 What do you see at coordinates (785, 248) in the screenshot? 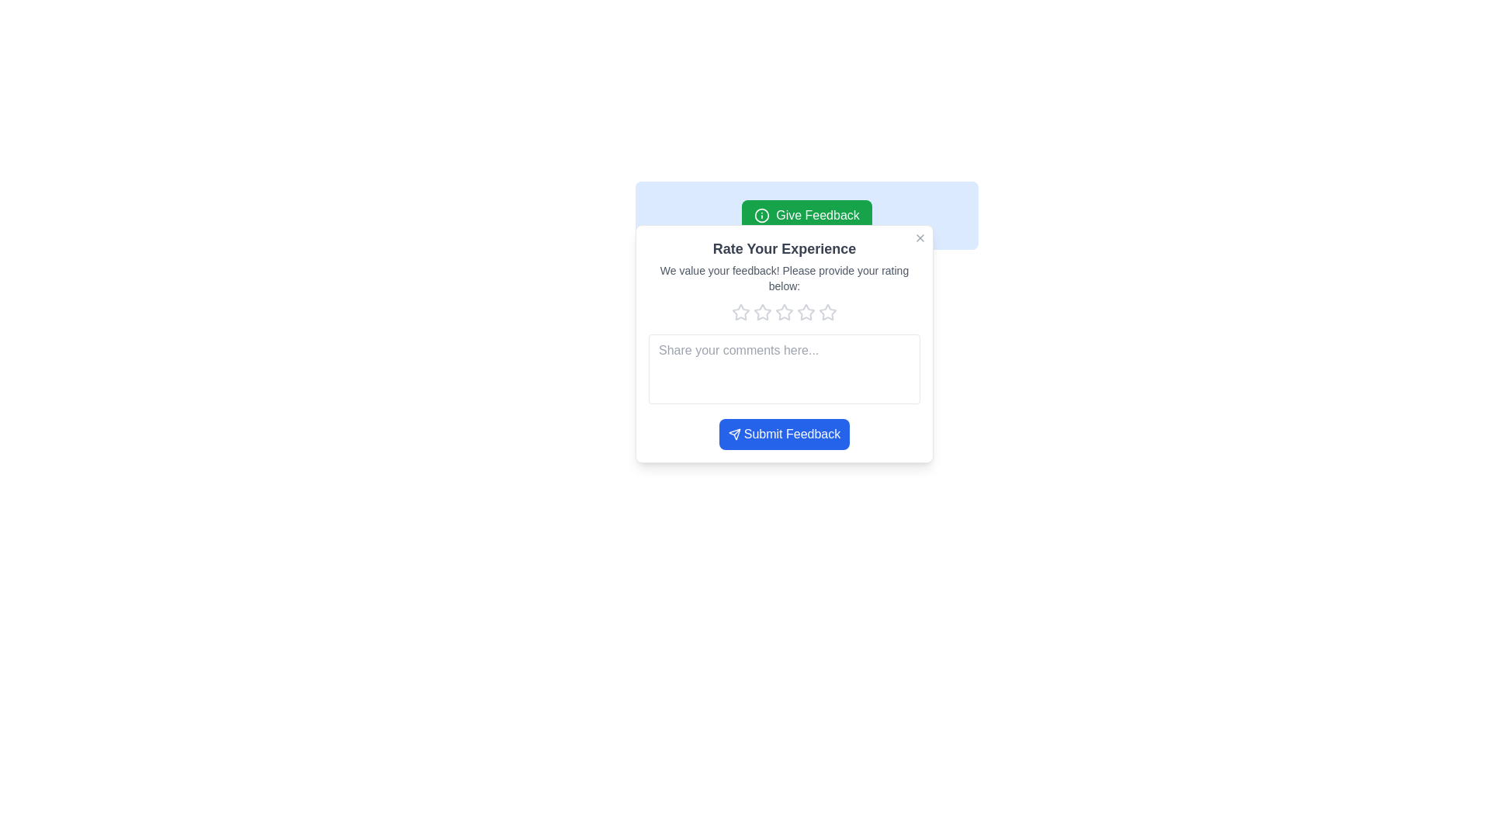
I see `the Text Heading, which serves as the title for the feedback section and is located beneath the close 'X' button` at bounding box center [785, 248].